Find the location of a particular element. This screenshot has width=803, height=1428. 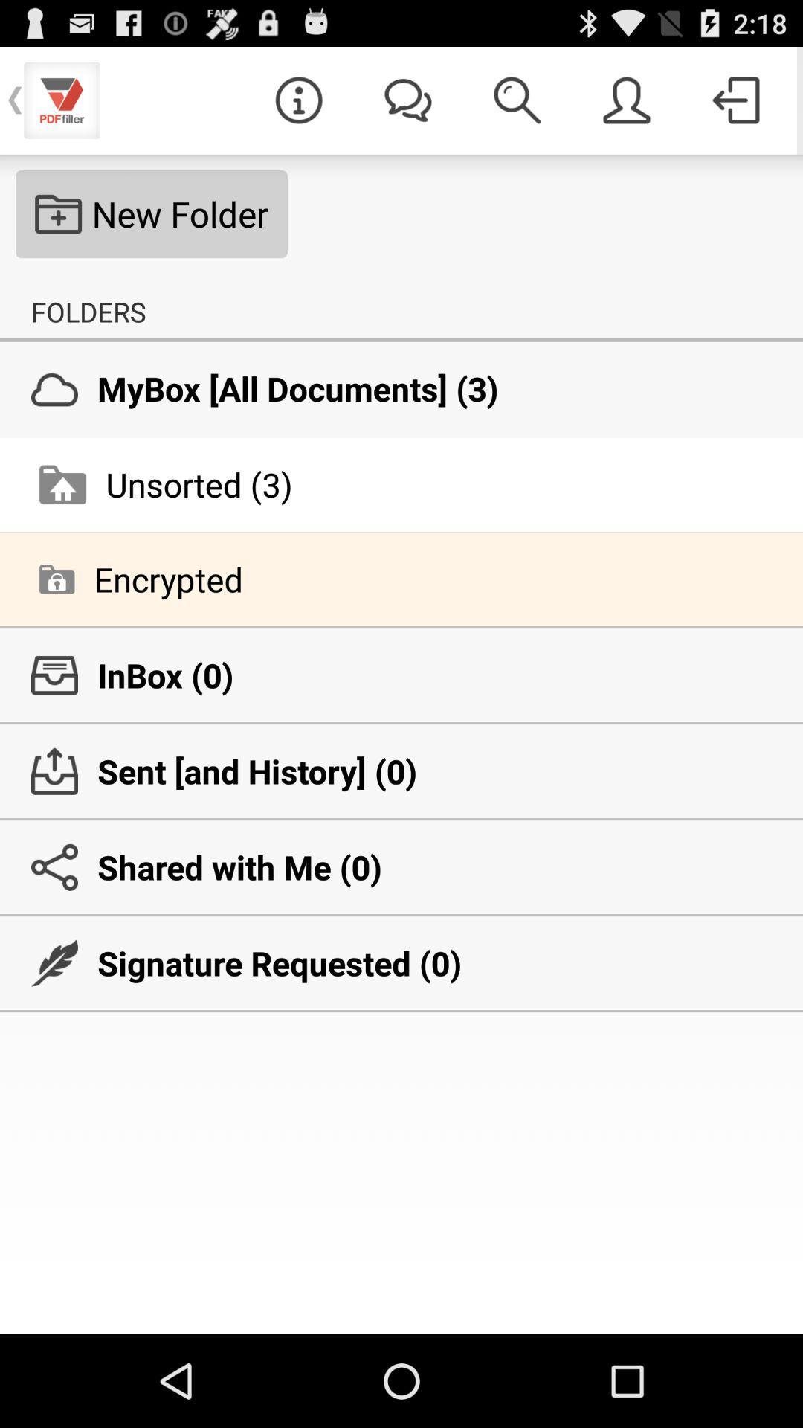

the new folder icon is located at coordinates (152, 213).